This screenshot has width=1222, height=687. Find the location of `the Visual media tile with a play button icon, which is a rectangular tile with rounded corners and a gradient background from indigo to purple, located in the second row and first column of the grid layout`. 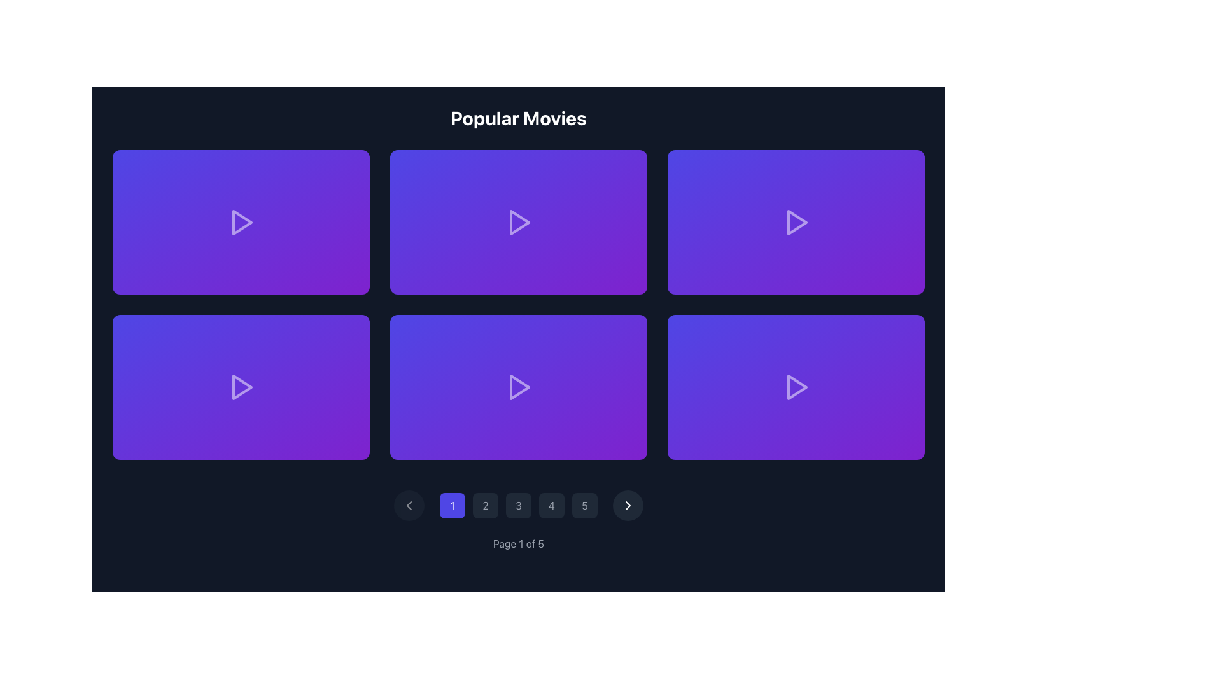

the Visual media tile with a play button icon, which is a rectangular tile with rounded corners and a gradient background from indigo to purple, located in the second row and first column of the grid layout is located at coordinates (241, 386).